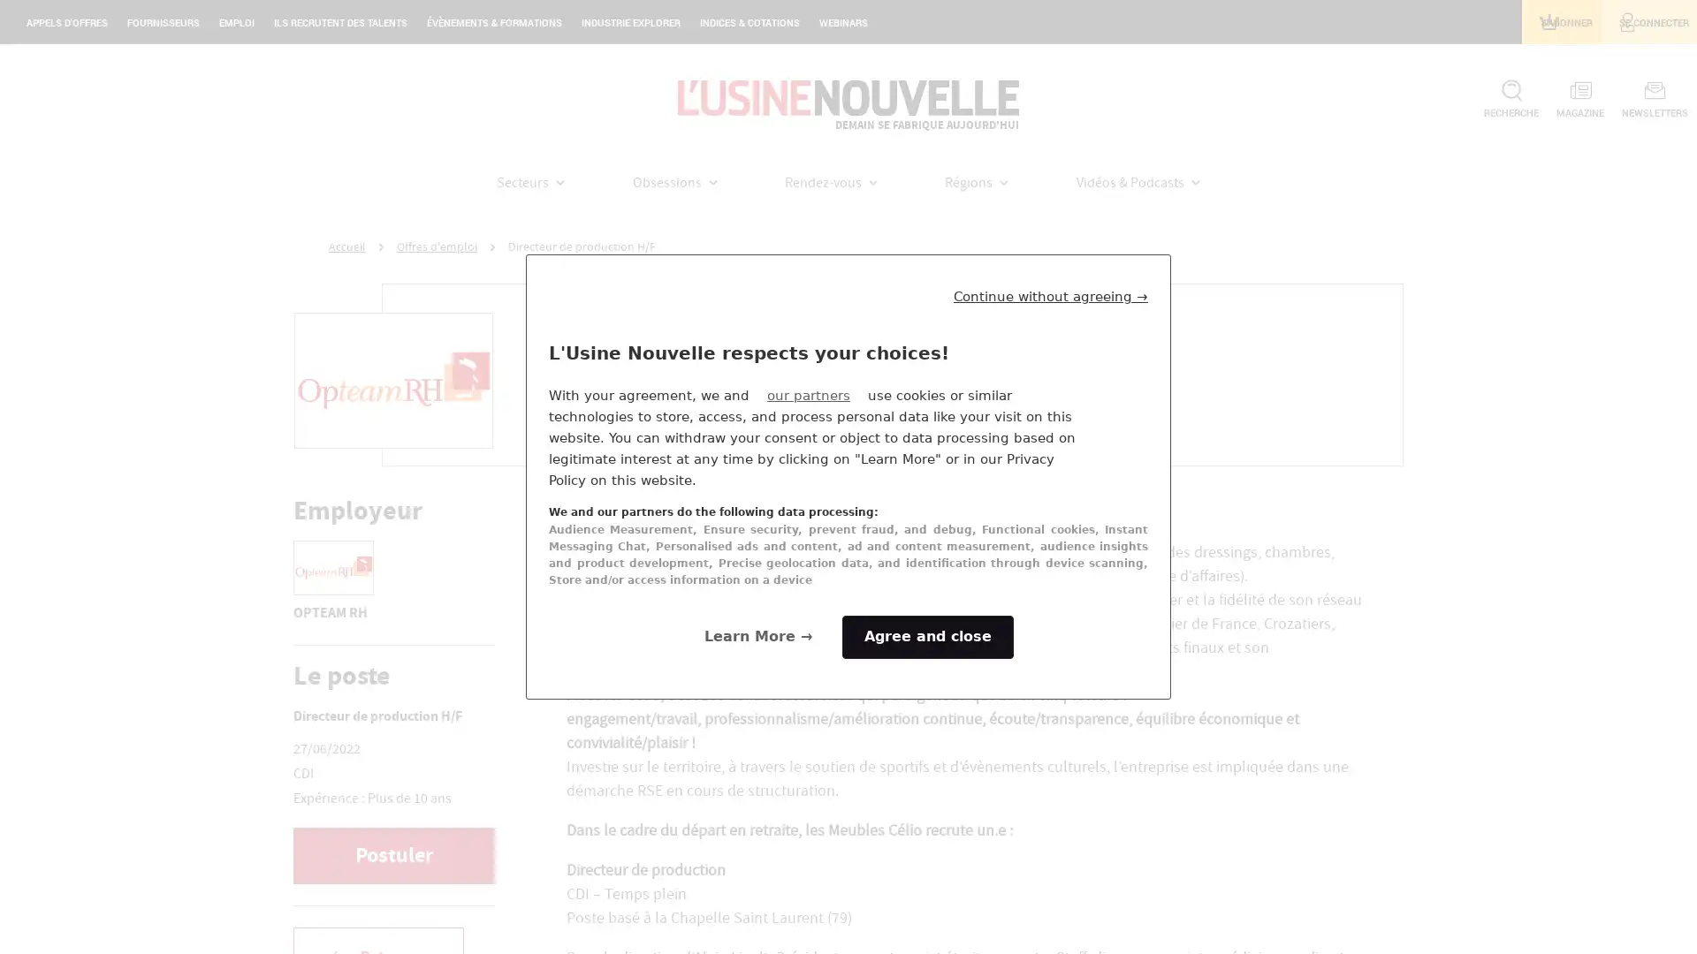  Describe the element at coordinates (1051, 295) in the screenshot. I see `Continue without agreeing` at that location.